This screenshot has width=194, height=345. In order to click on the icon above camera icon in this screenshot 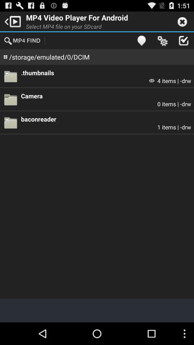, I will do `click(151, 80)`.